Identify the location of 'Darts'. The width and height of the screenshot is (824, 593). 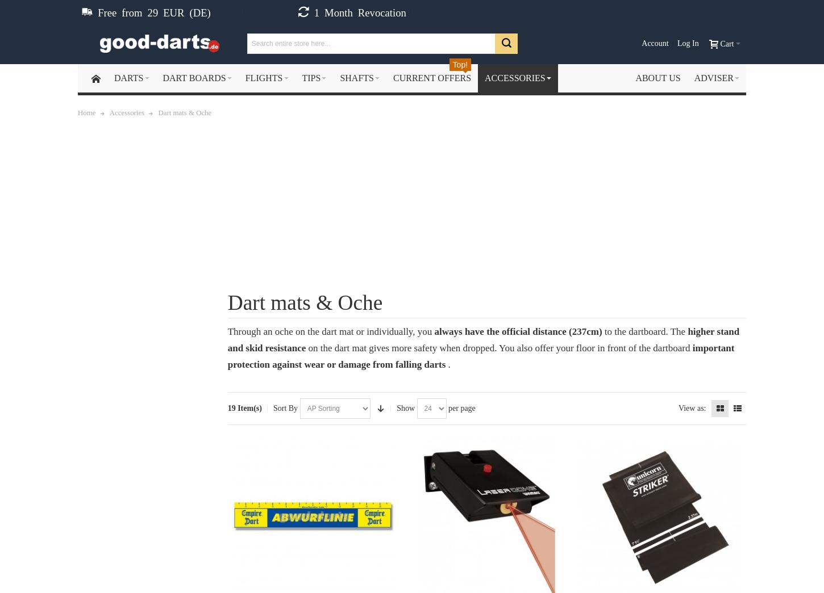
(128, 77).